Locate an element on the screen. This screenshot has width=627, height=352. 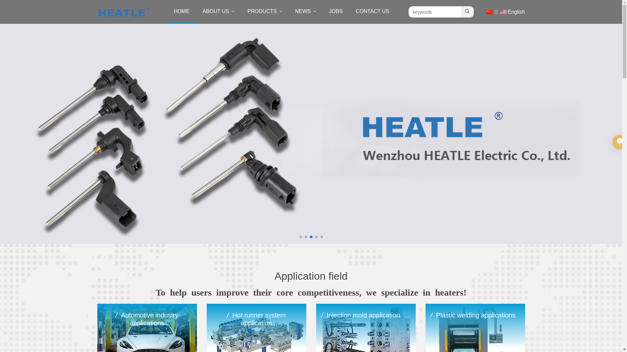
'JOBS' is located at coordinates (336, 12).